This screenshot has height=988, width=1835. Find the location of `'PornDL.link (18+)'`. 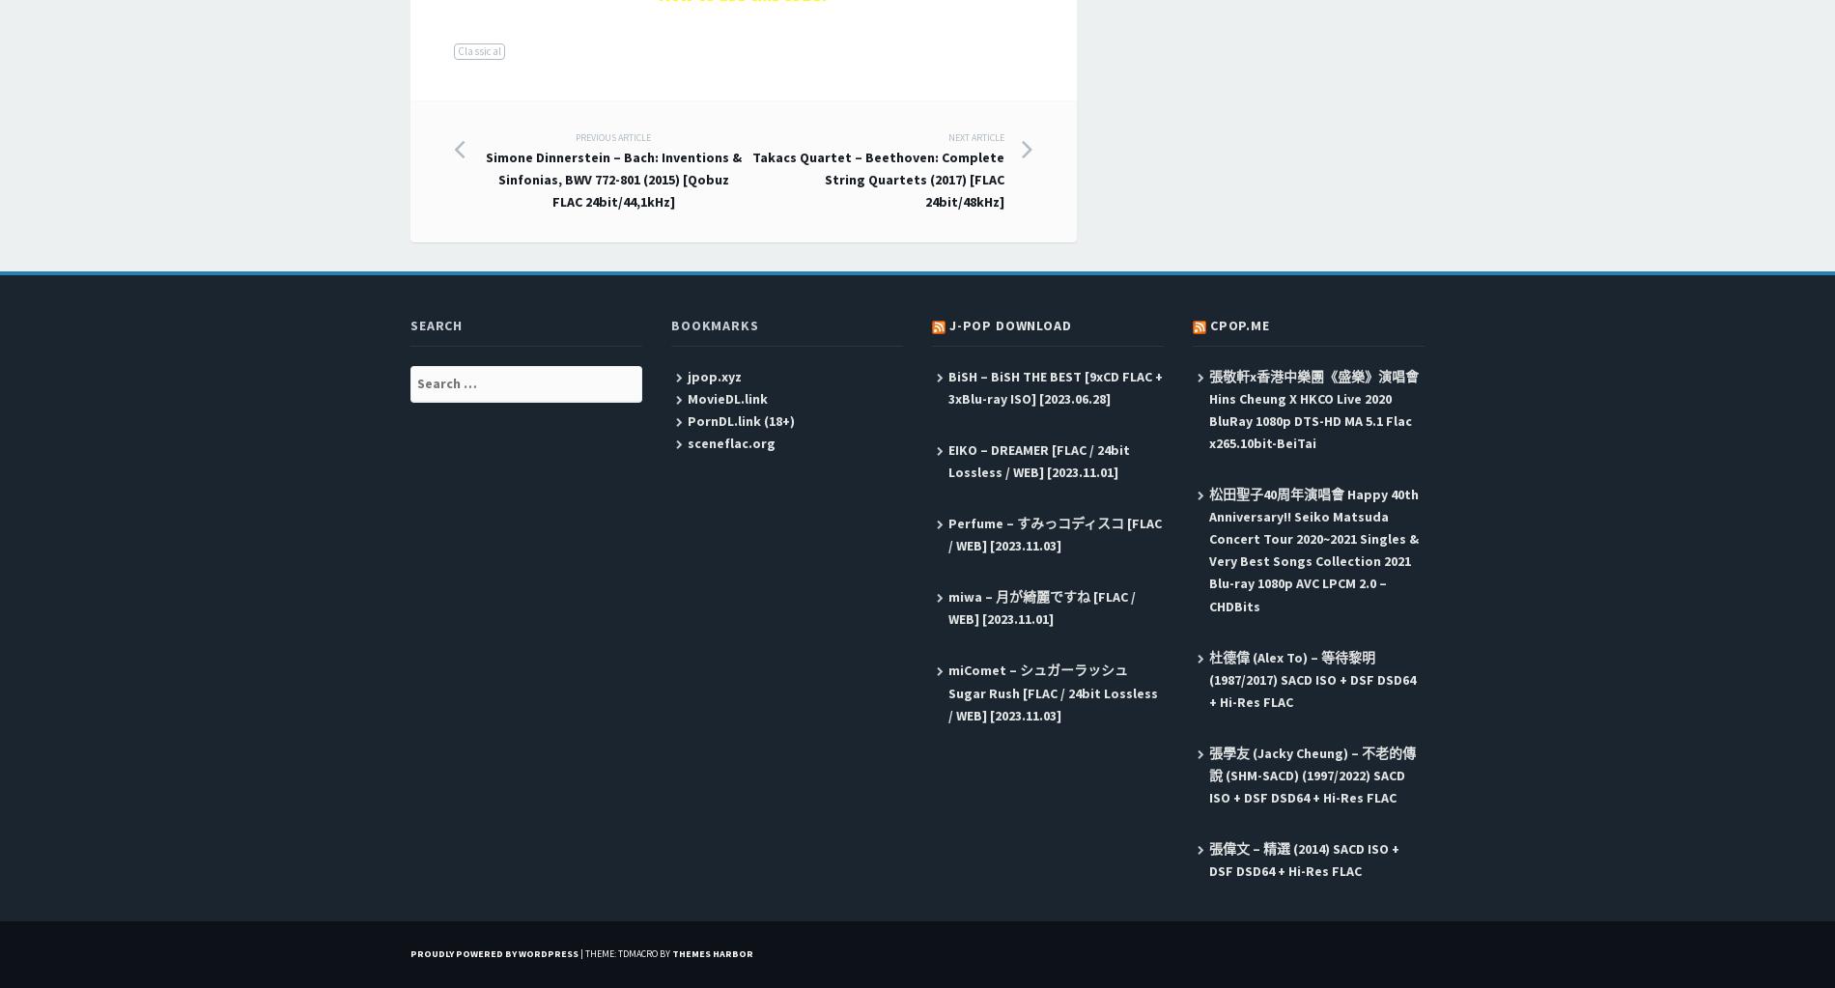

'PornDL.link (18+)' is located at coordinates (739, 418).